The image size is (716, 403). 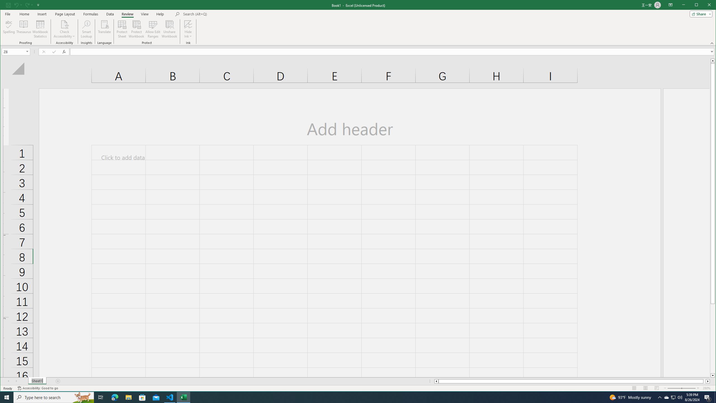 What do you see at coordinates (91, 14) in the screenshot?
I see `'Formulas'` at bounding box center [91, 14].